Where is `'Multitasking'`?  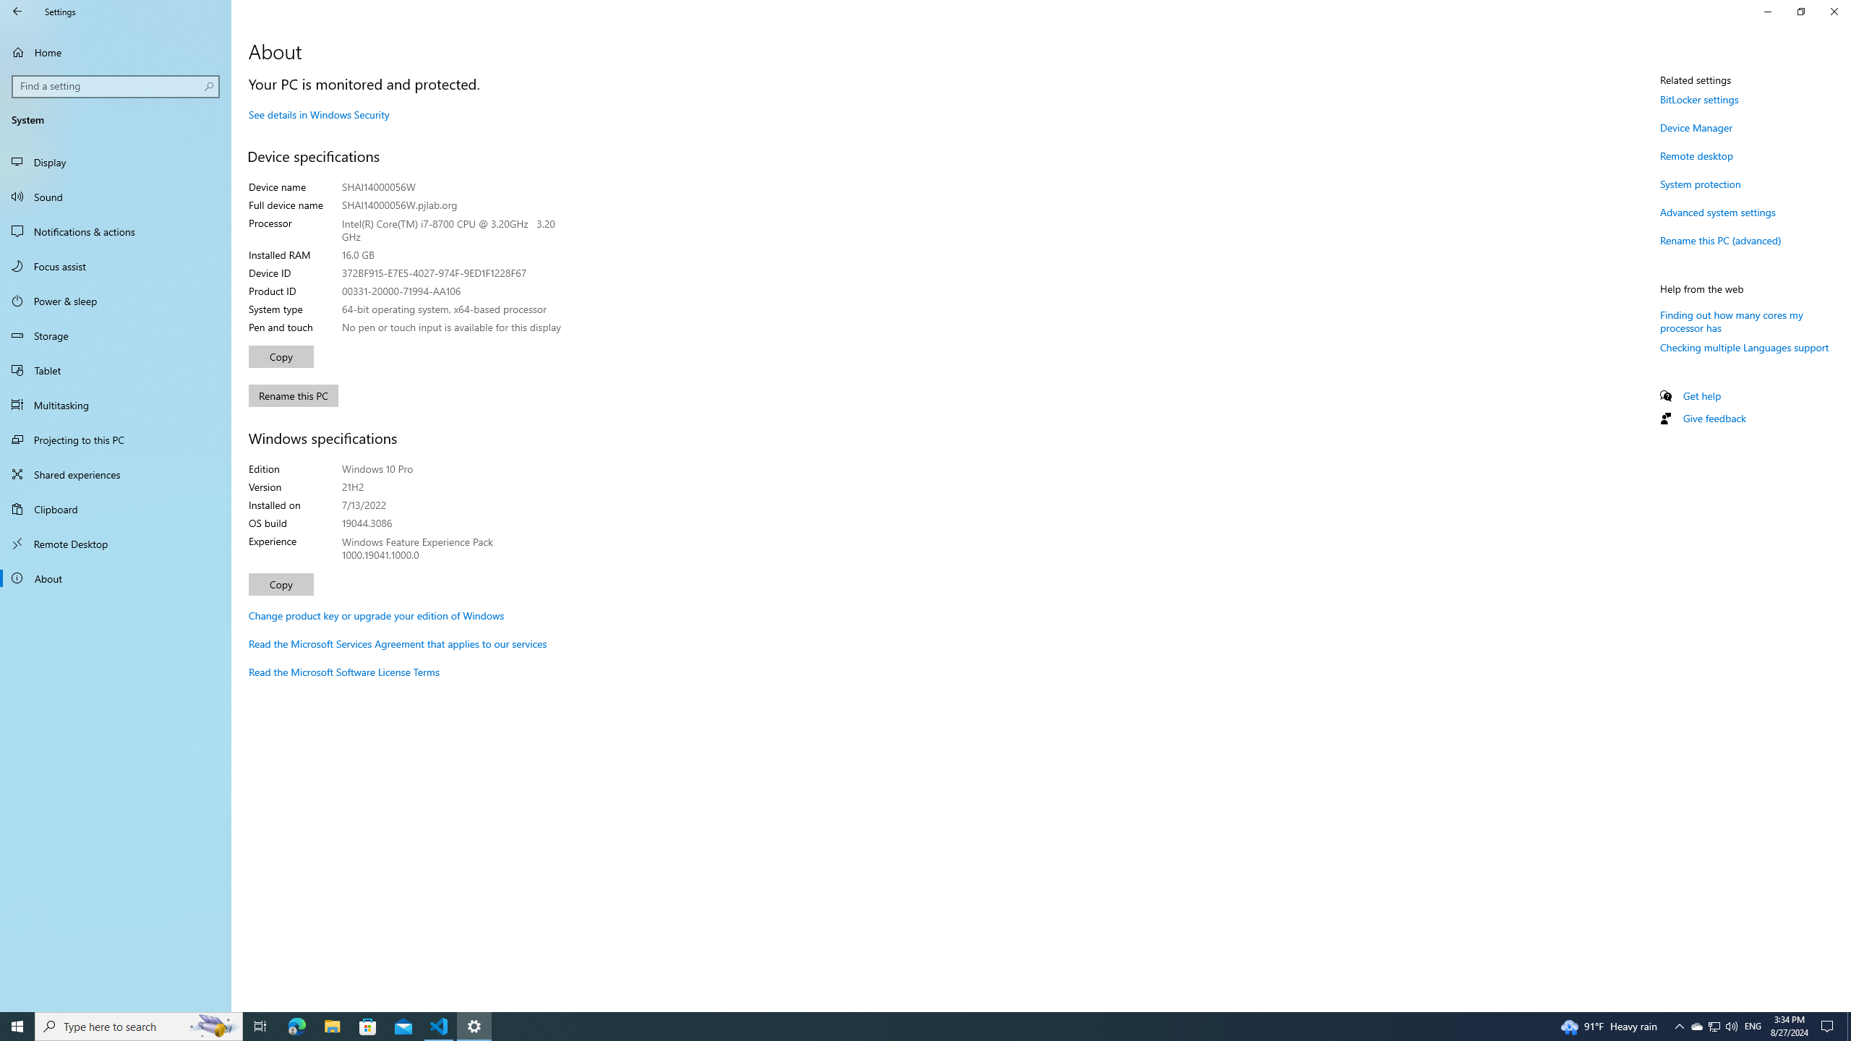 'Multitasking' is located at coordinates (115, 404).